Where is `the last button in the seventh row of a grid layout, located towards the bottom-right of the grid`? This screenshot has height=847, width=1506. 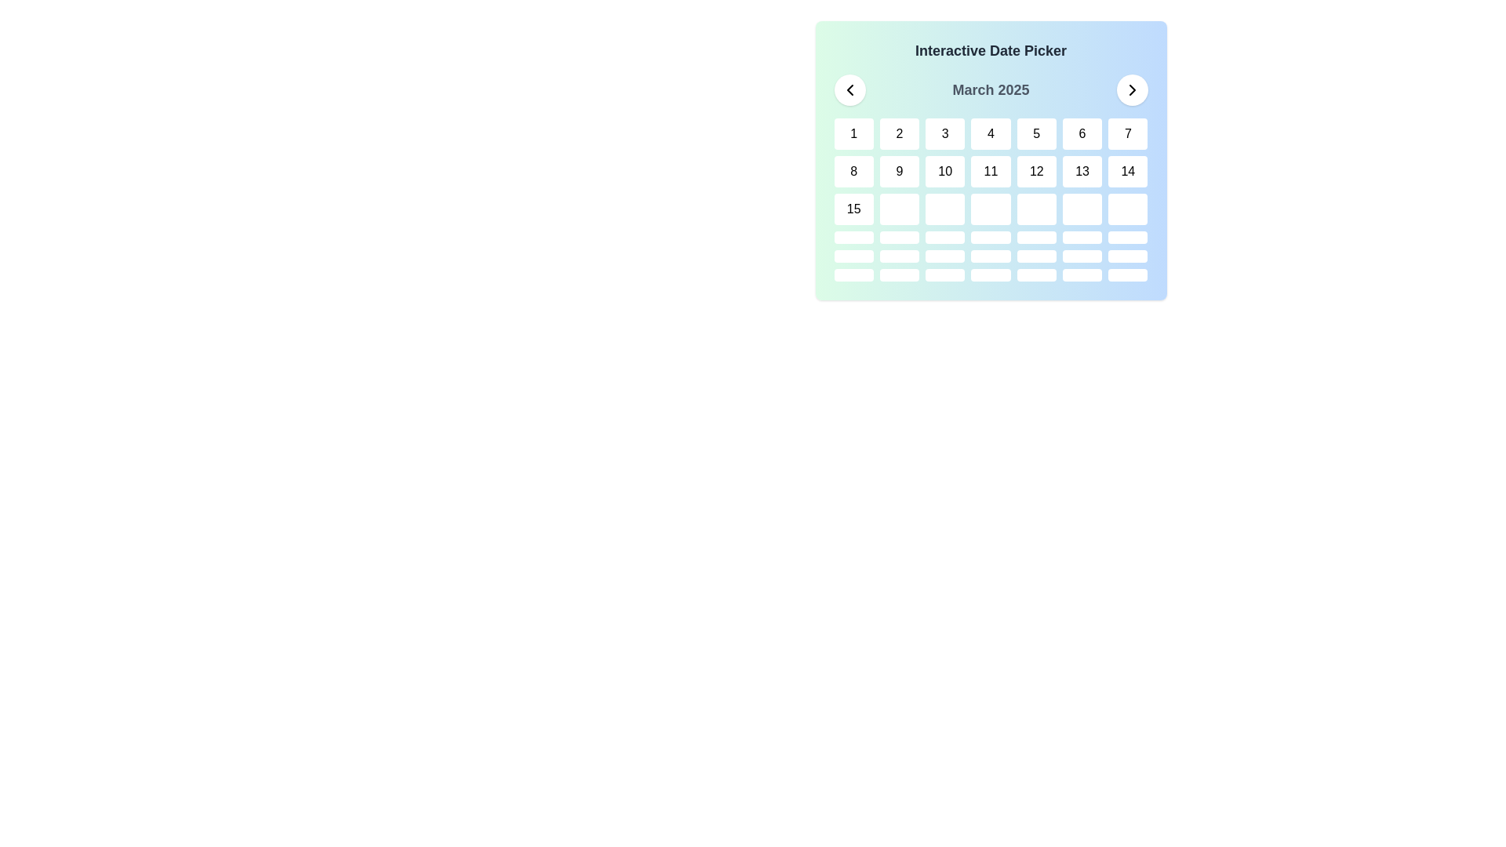 the last button in the seventh row of a grid layout, located towards the bottom-right of the grid is located at coordinates (1127, 256).